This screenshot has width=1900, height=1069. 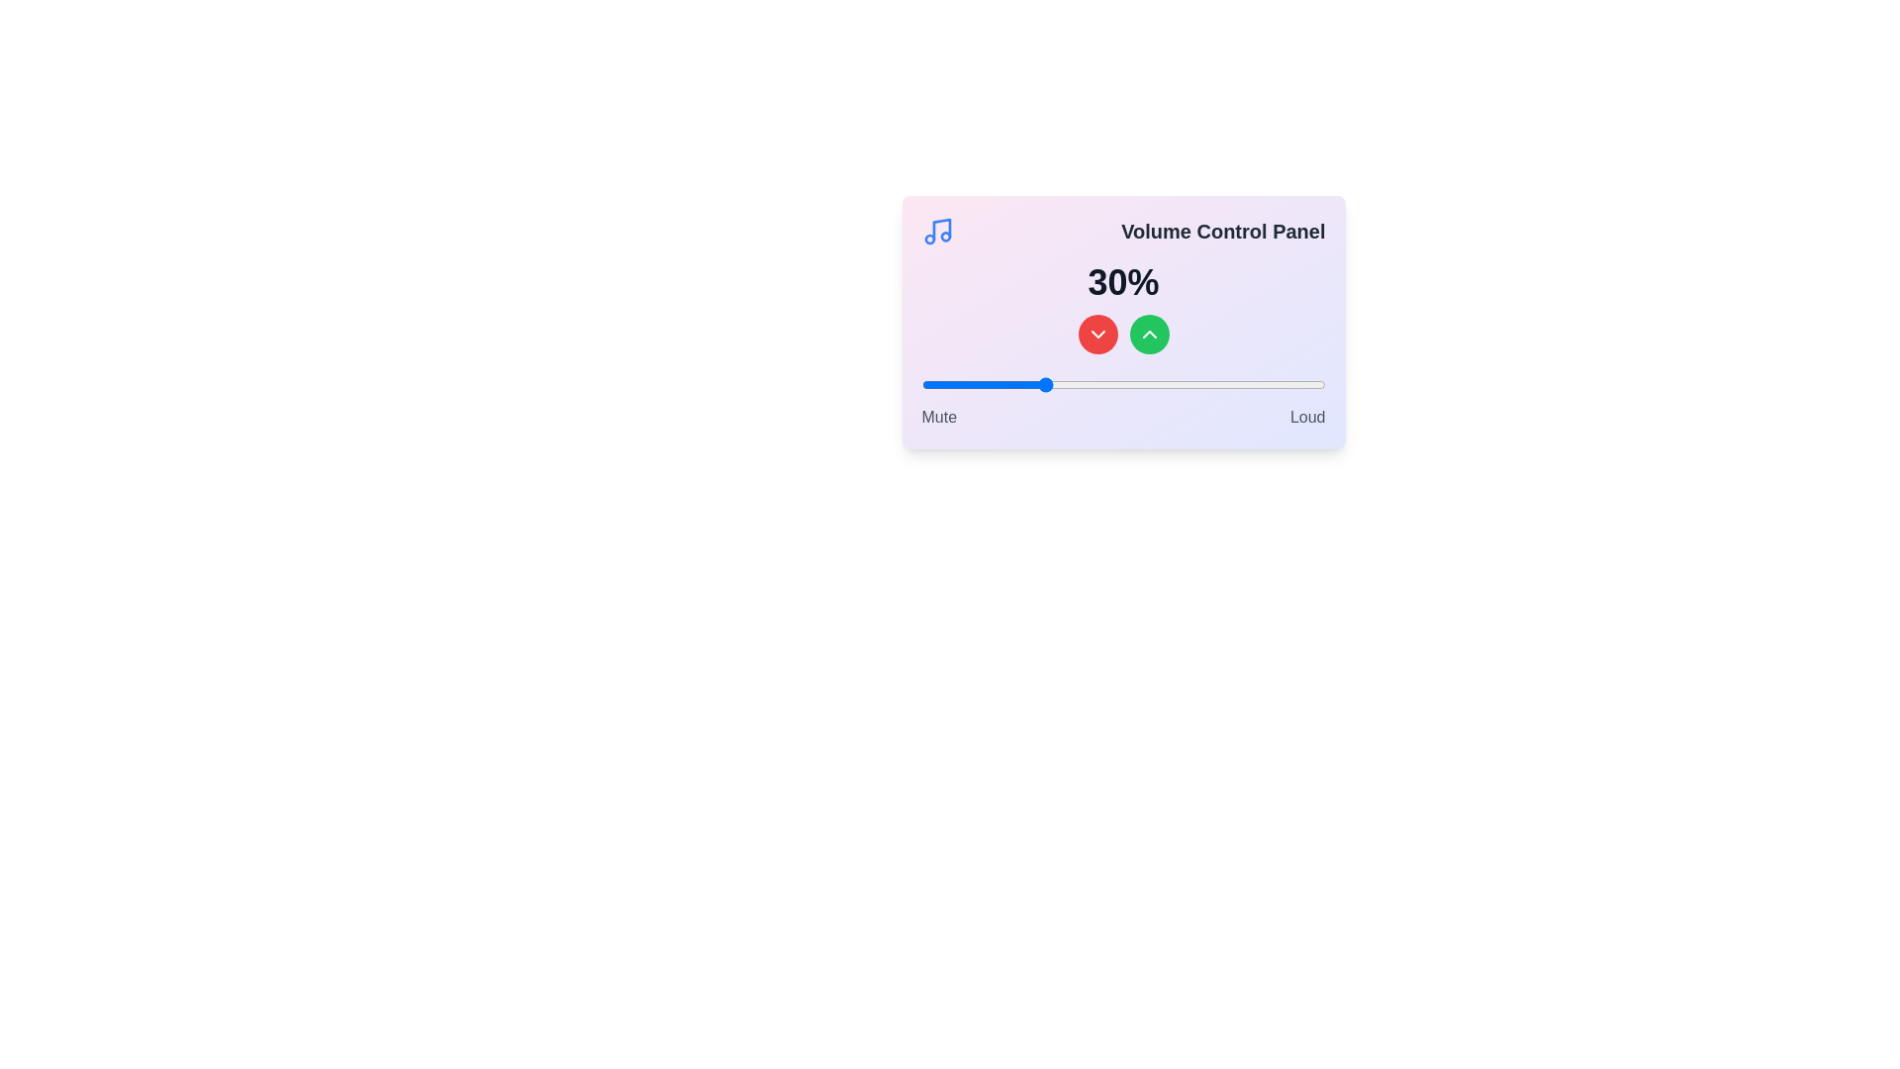 I want to click on increment volume button, so click(x=1149, y=334).